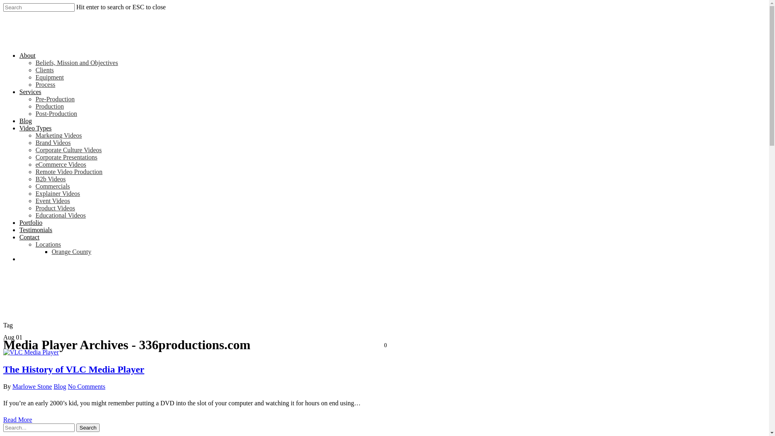 This screenshot has height=436, width=775. I want to click on 'Educational Videos', so click(60, 215).